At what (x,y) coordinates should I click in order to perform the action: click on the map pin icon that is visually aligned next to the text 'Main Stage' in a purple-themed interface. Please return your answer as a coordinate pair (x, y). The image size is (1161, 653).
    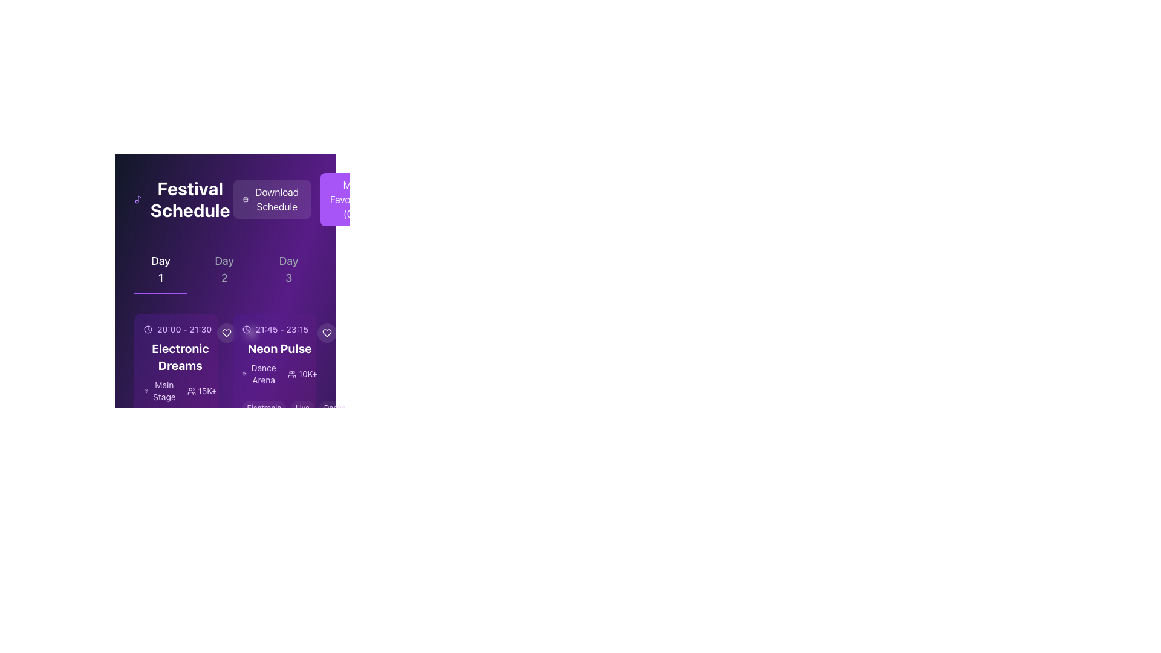
    Looking at the image, I should click on (146, 391).